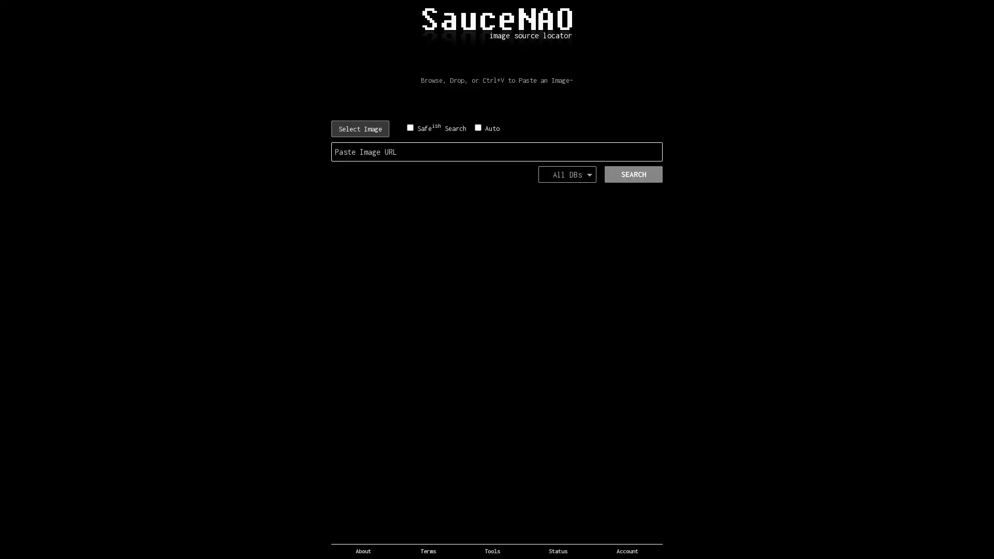 Image resolution: width=994 pixels, height=559 pixels. What do you see at coordinates (359, 127) in the screenshot?
I see `Choose File` at bounding box center [359, 127].